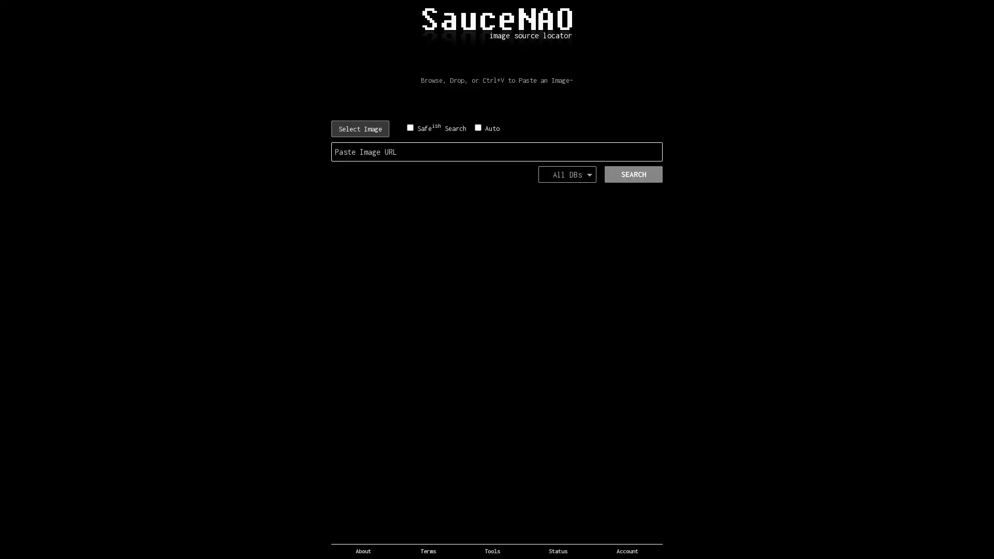 Image resolution: width=994 pixels, height=559 pixels. What do you see at coordinates (359, 127) in the screenshot?
I see `Choose File` at bounding box center [359, 127].